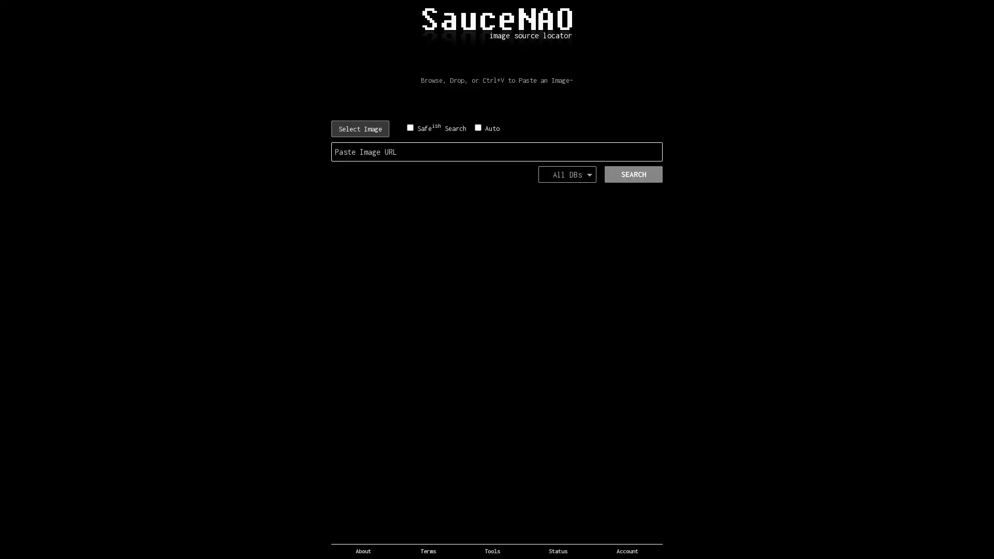 Image resolution: width=994 pixels, height=559 pixels. What do you see at coordinates (359, 127) in the screenshot?
I see `Choose File` at bounding box center [359, 127].